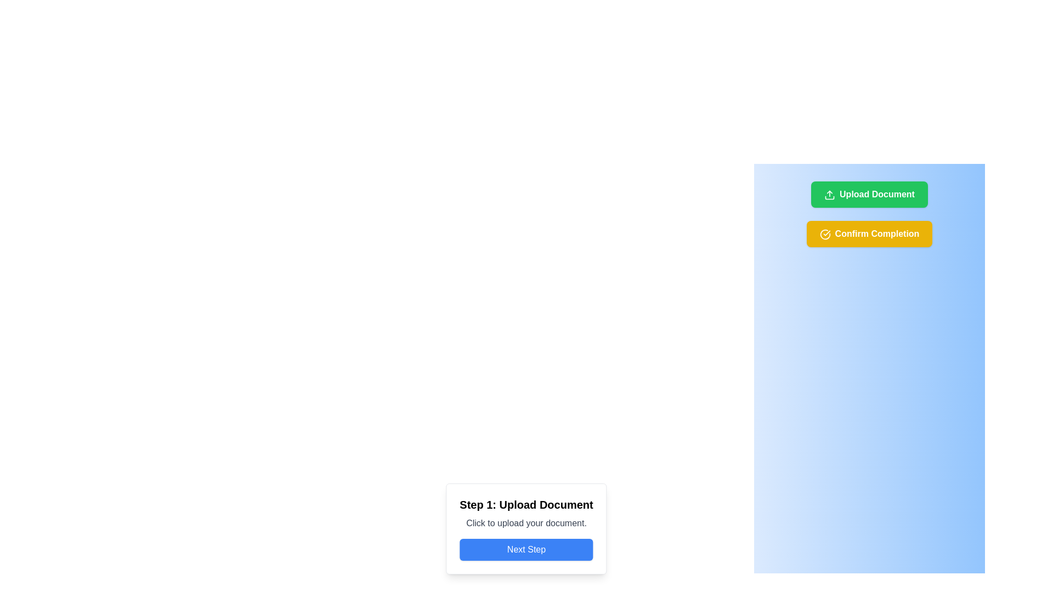 Image resolution: width=1053 pixels, height=592 pixels. What do you see at coordinates (829, 194) in the screenshot?
I see `the Upload icon, which is a decorative graphic located within the green 'Upload Document' button, left-aligned near the text label` at bounding box center [829, 194].